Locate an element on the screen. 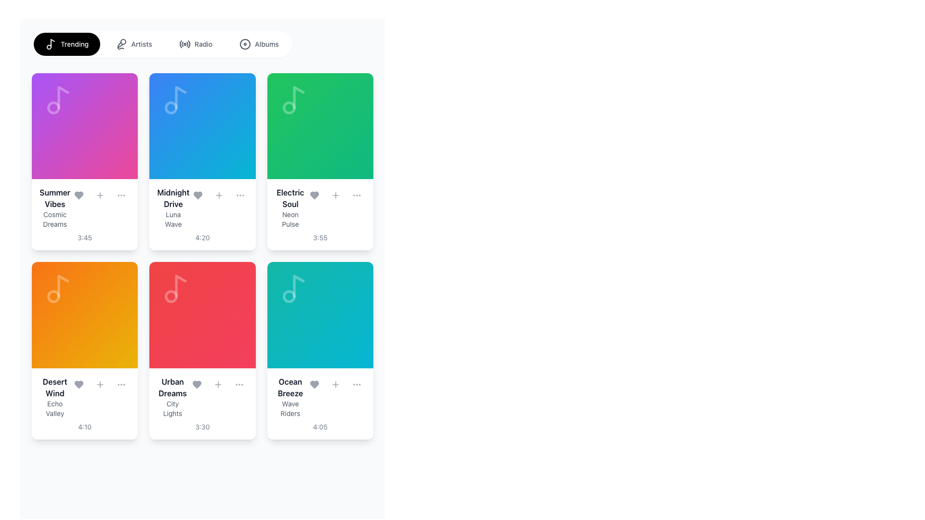 The image size is (925, 520). the heart-shaped icon button styled in gray, located to the right of the text 'Urban Dreams' and above the duration label '3:30' is located at coordinates (196, 384).